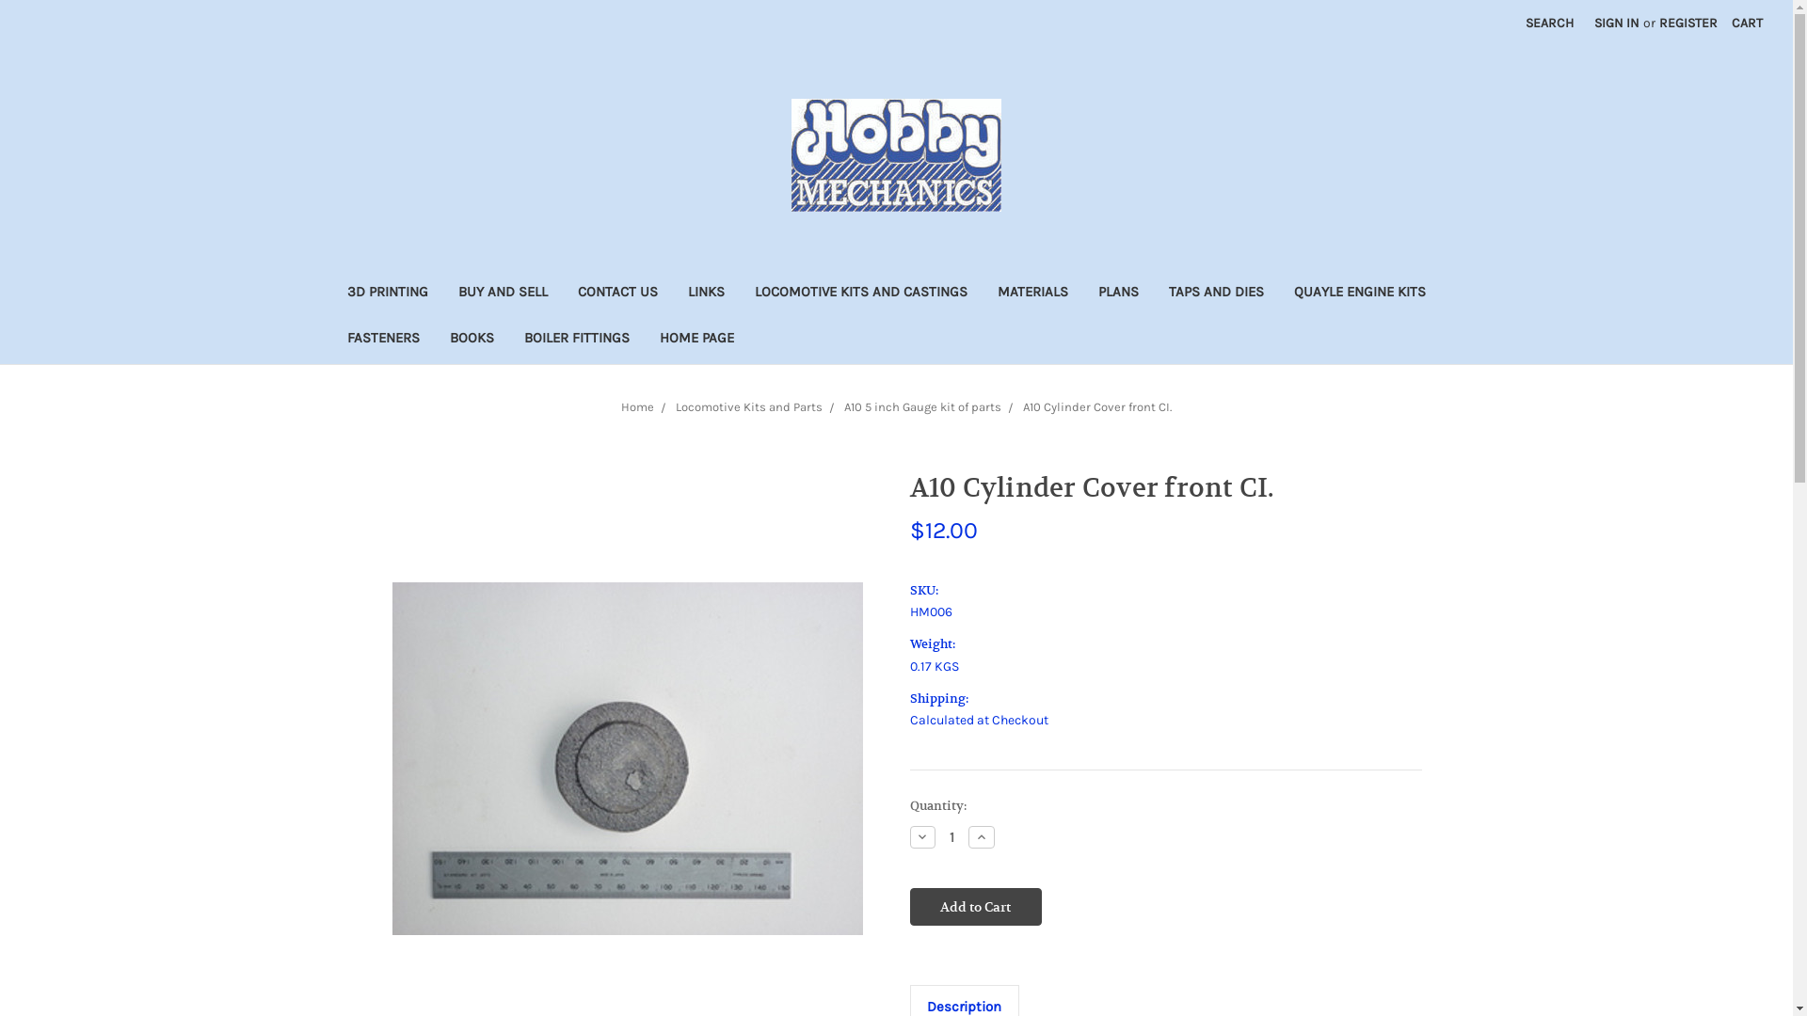 The image size is (1807, 1016). What do you see at coordinates (704, 294) in the screenshot?
I see `'LINKS'` at bounding box center [704, 294].